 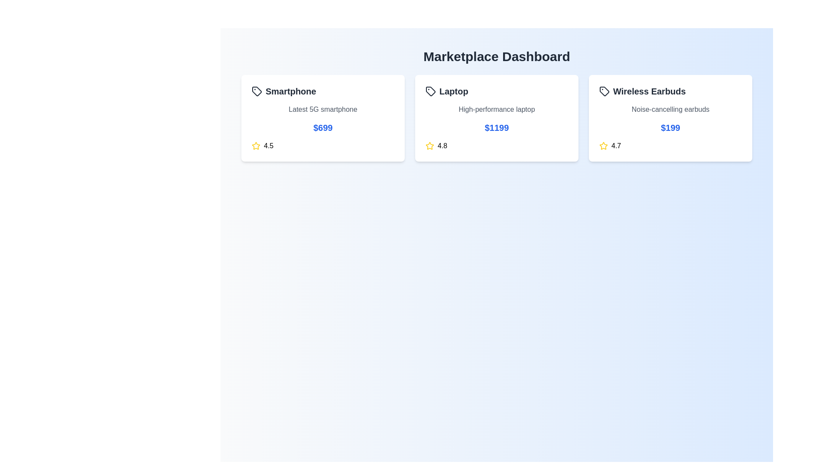 I want to click on the graphical tag indicator that resembles a tag symbol, which is located next to the label 'Laptop' in the dashboard environment, so click(x=430, y=91).